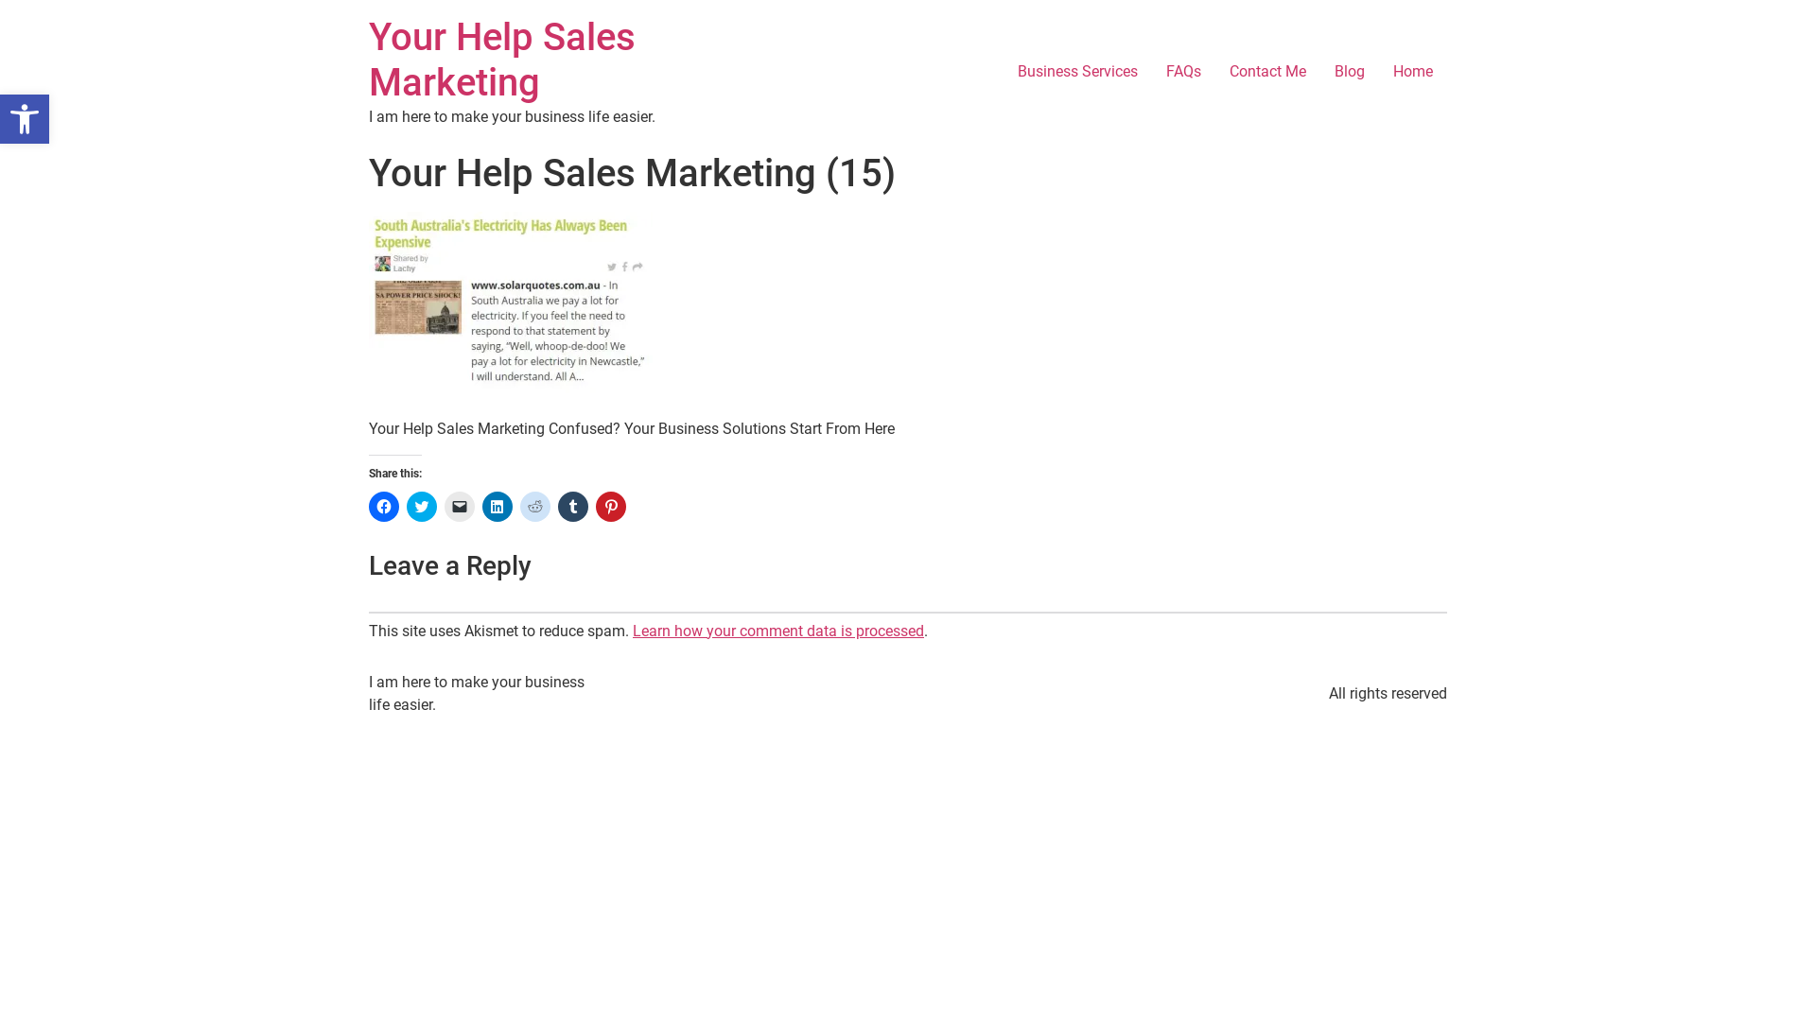 Image resolution: width=1816 pixels, height=1021 pixels. I want to click on 'Open toolbar, so click(24, 119).